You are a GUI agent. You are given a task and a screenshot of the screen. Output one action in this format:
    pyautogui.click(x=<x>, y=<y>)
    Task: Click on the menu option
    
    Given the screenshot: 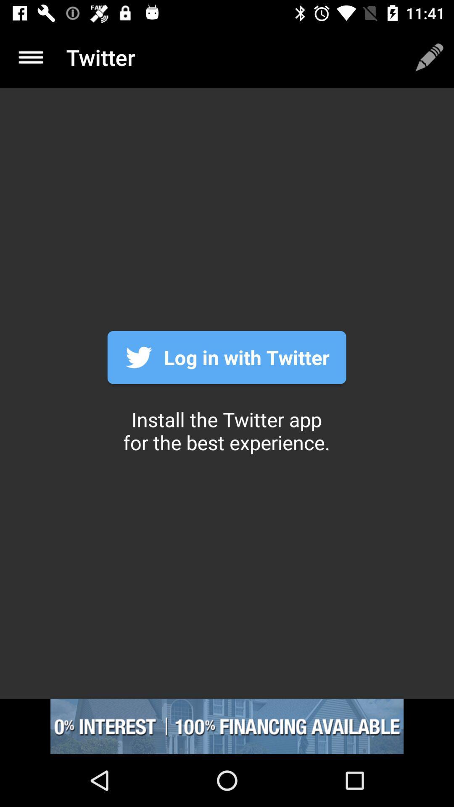 What is the action you would take?
    pyautogui.click(x=30, y=57)
    